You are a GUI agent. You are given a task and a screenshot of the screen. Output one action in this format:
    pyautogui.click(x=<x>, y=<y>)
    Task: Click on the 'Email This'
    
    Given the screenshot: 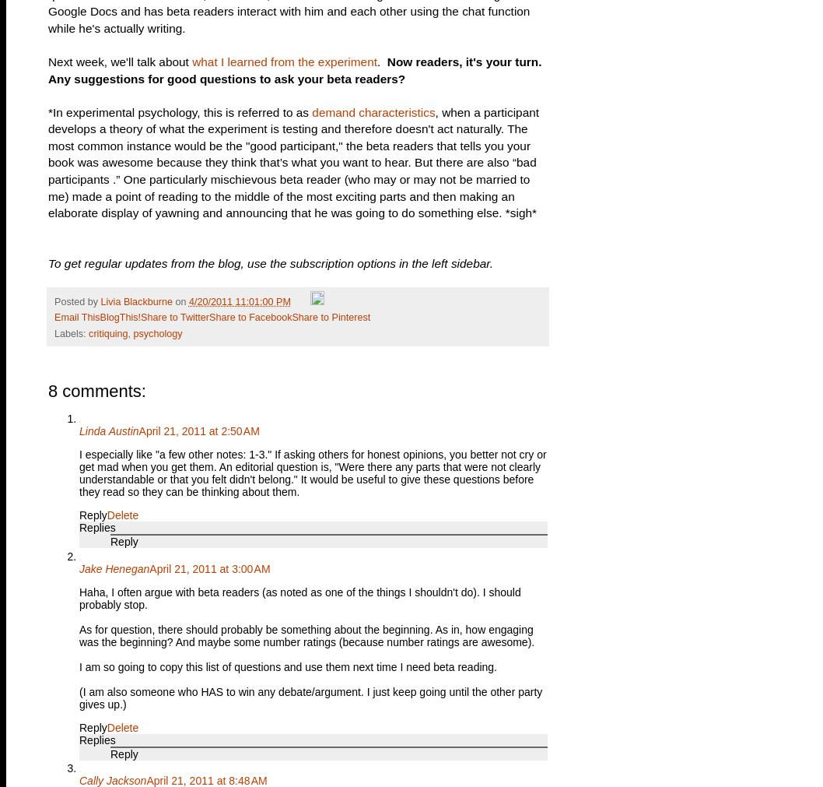 What is the action you would take?
    pyautogui.click(x=76, y=317)
    